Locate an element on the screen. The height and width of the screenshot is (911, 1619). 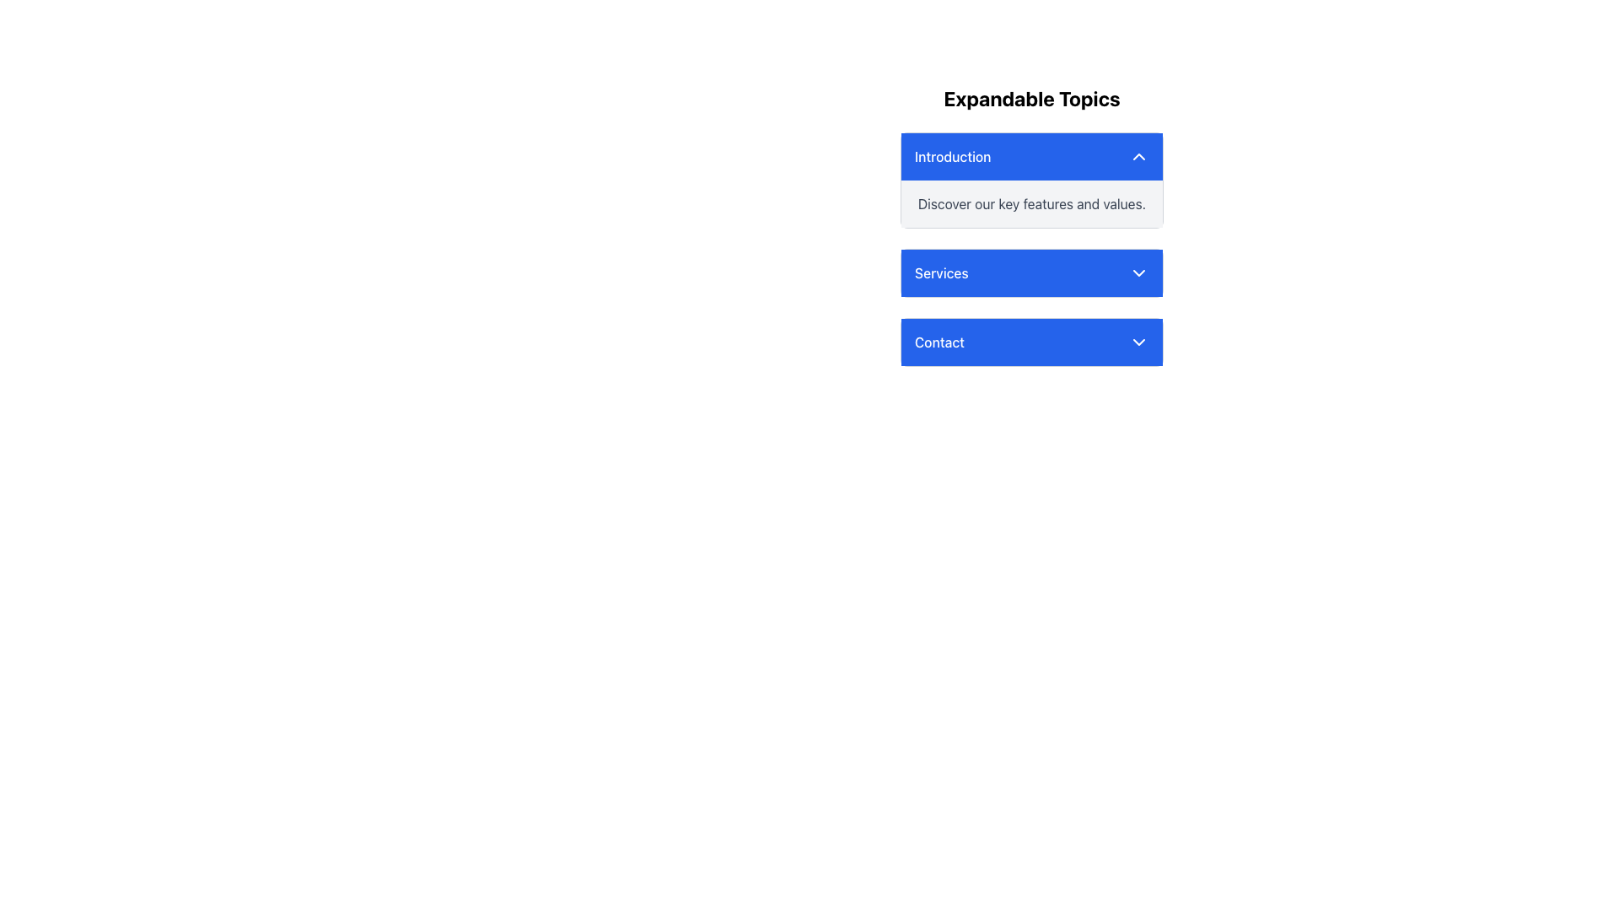
the text label displaying 'Discover our key features and values.' which is styled in gray font on a white background, located in the expanded section under the 'Introduction' tab is located at coordinates (1031, 203).